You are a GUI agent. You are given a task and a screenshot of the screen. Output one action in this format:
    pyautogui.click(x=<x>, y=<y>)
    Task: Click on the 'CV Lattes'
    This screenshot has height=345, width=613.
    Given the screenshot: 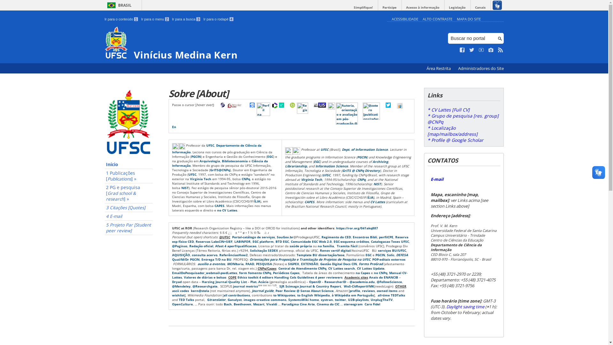 What is the action you would take?
    pyautogui.click(x=370, y=202)
    